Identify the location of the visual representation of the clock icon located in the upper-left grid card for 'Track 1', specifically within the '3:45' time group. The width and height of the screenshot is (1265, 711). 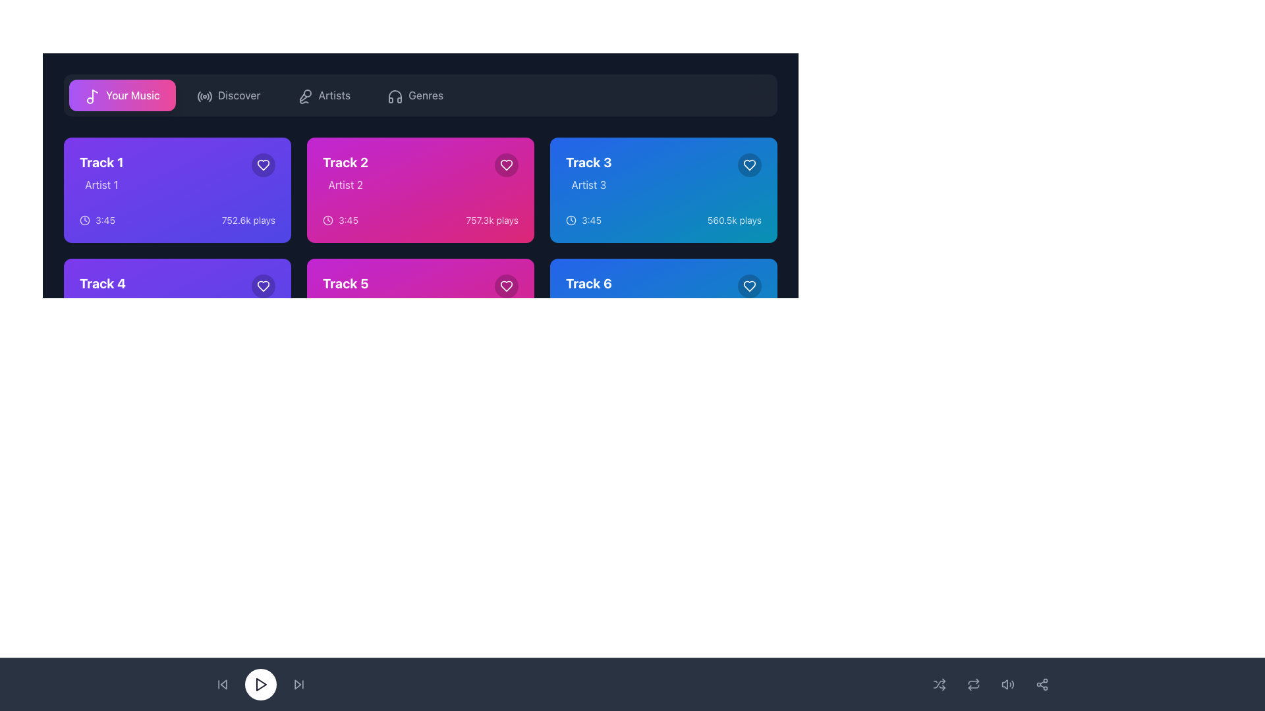
(84, 220).